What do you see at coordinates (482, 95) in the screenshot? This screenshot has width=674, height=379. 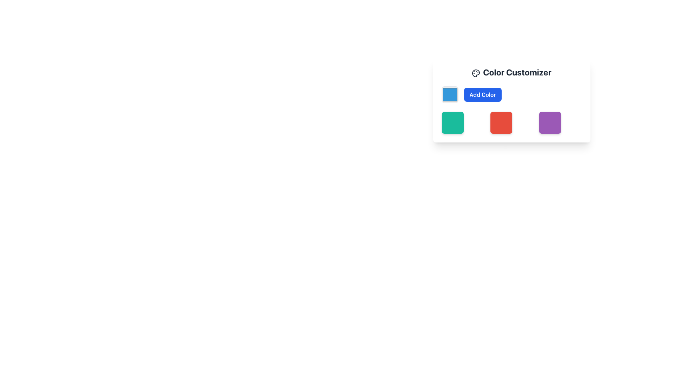 I see `the rectangular blue button labeled 'Add Color'` at bounding box center [482, 95].